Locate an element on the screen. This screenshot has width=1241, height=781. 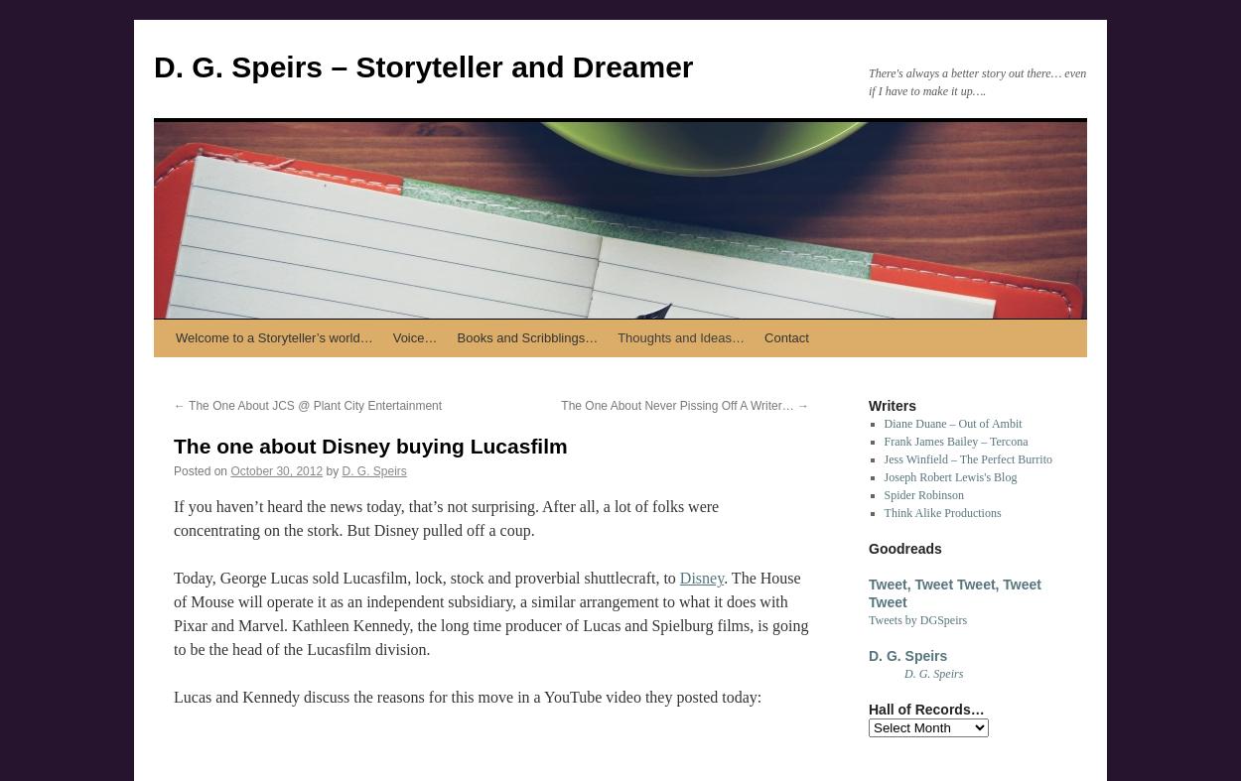
'The One About Never Pissing Off A Writer…' is located at coordinates (560, 406).